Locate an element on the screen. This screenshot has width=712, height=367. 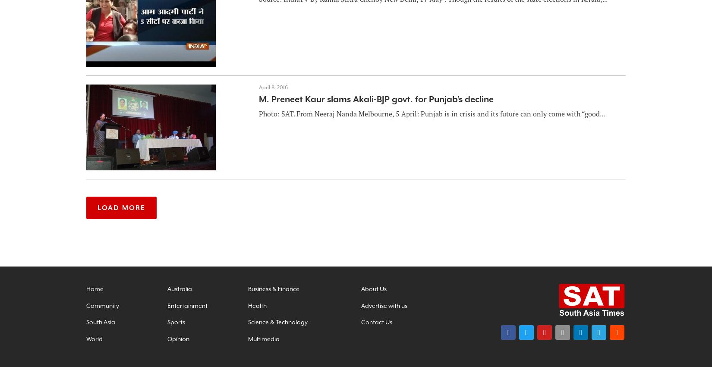
'World' is located at coordinates (94, 338).